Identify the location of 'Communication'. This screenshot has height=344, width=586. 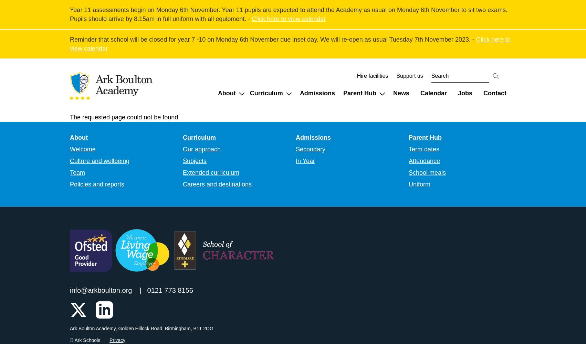
(438, 115).